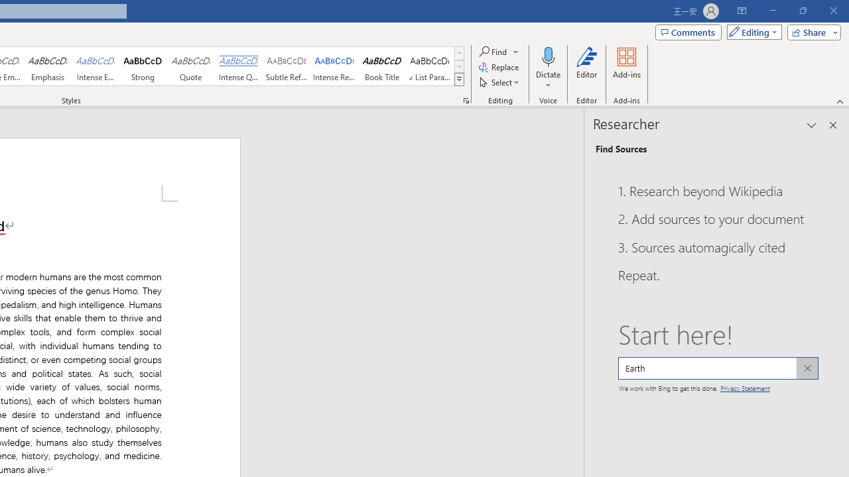  I want to click on 'Find Sources', so click(620, 149).